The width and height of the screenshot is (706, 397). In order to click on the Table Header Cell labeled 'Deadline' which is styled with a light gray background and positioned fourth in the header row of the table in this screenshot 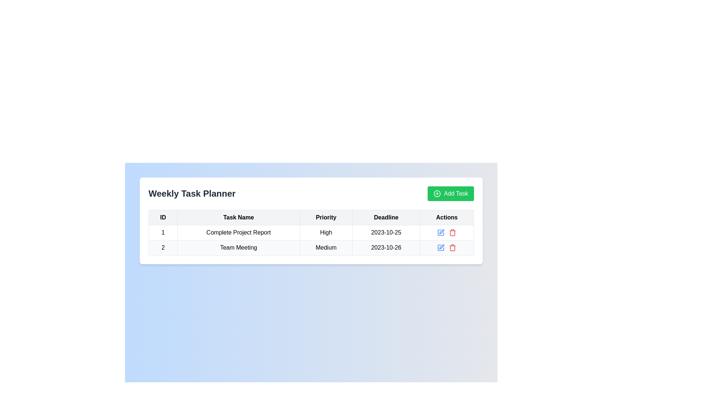, I will do `click(386, 217)`.